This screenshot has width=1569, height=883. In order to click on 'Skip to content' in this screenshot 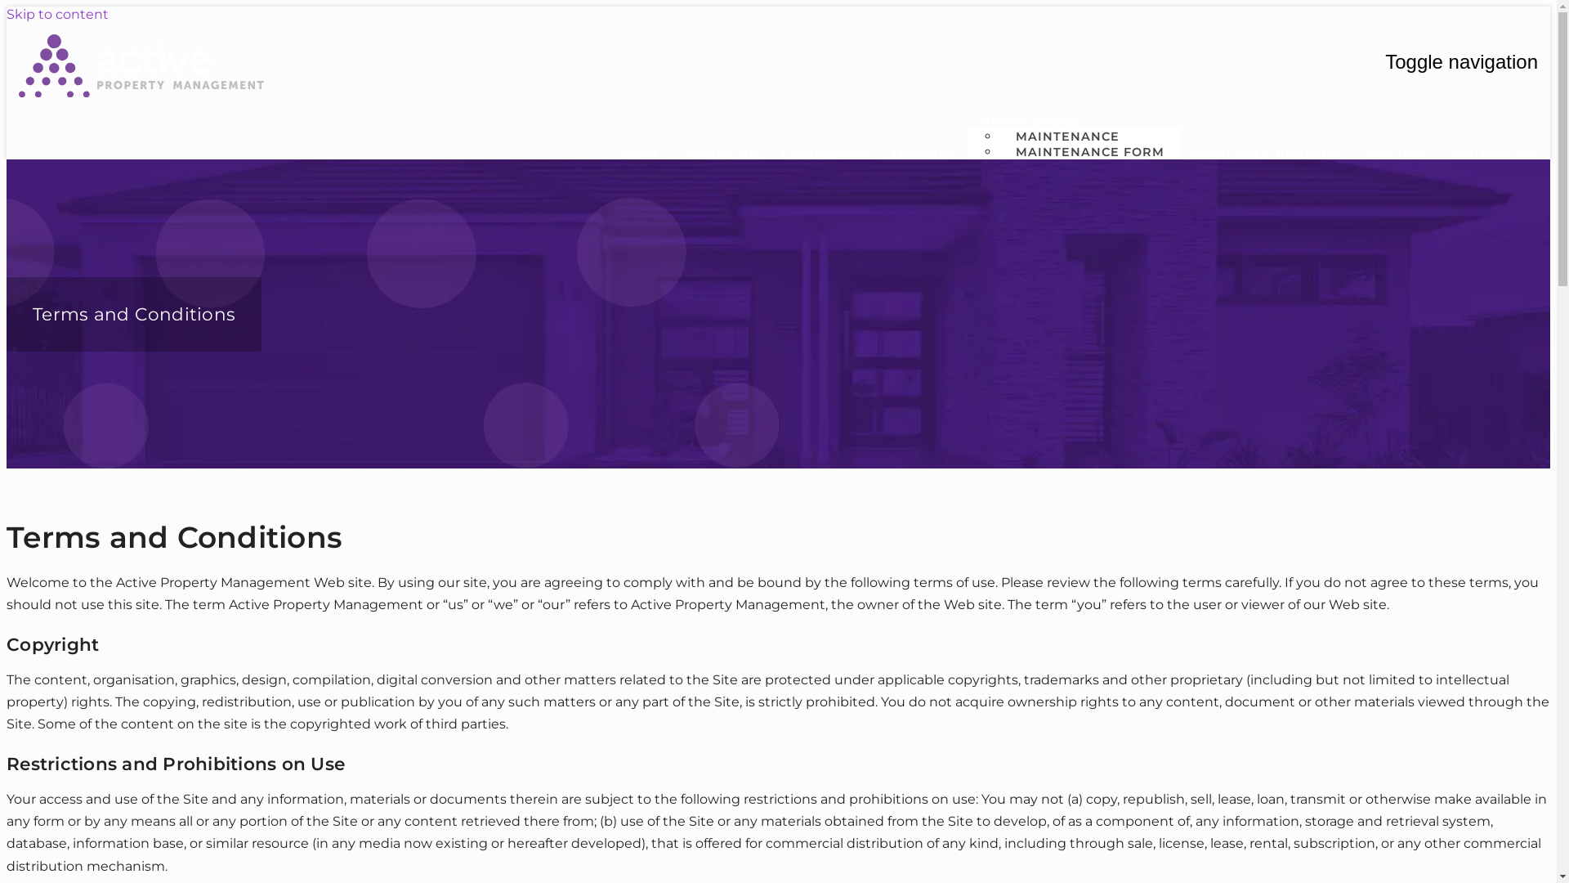, I will do `click(57, 14)`.